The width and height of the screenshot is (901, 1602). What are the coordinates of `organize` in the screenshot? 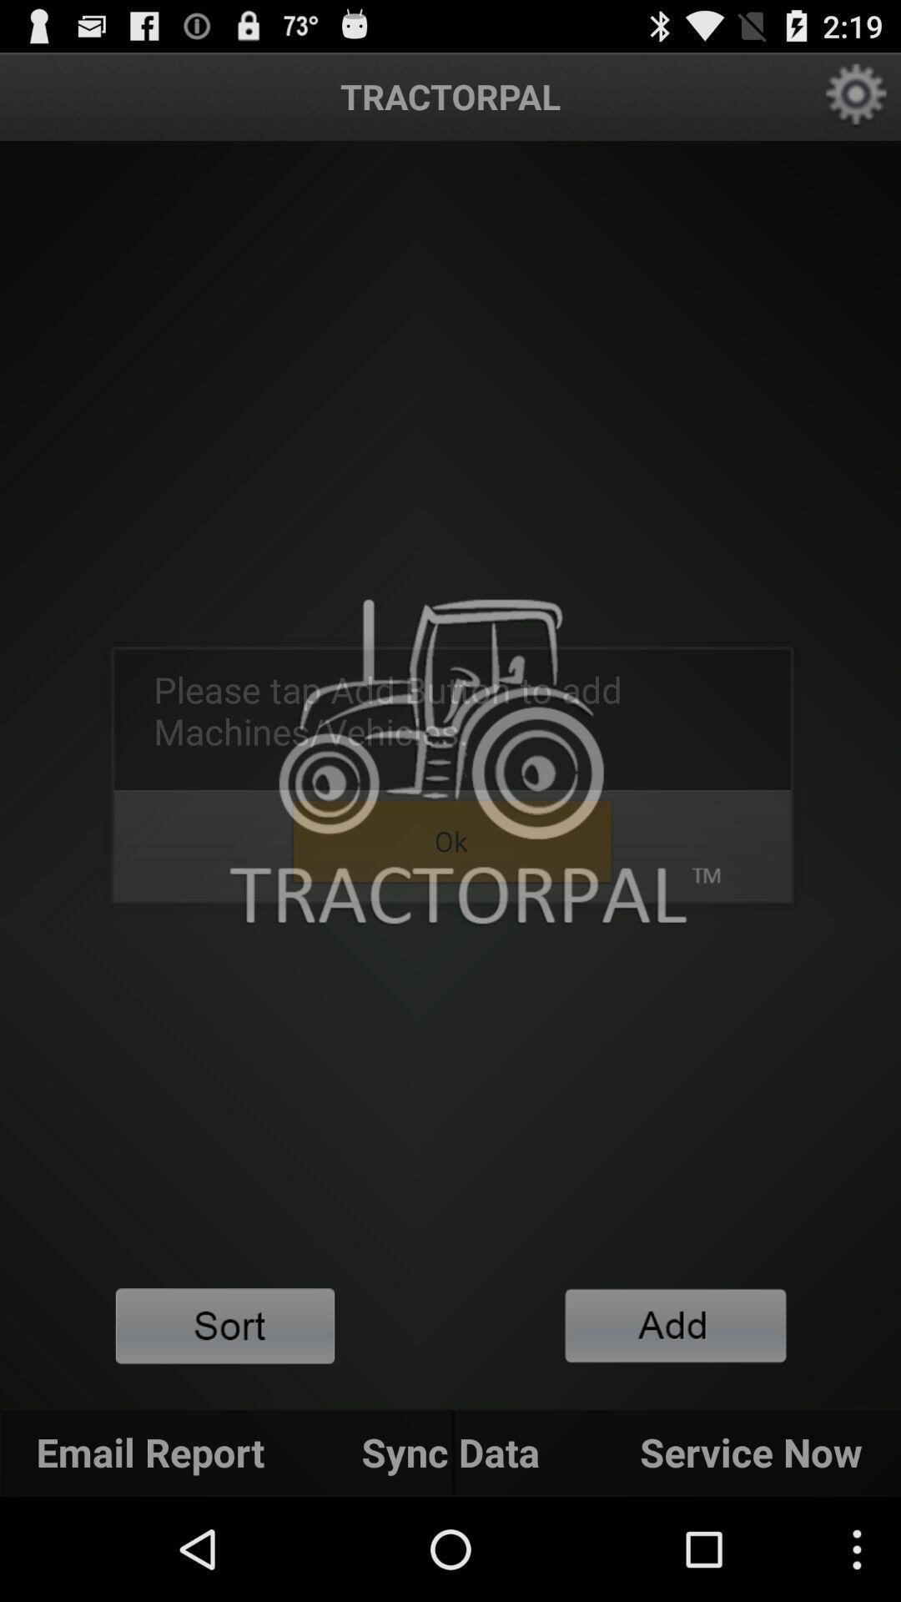 It's located at (225, 1325).